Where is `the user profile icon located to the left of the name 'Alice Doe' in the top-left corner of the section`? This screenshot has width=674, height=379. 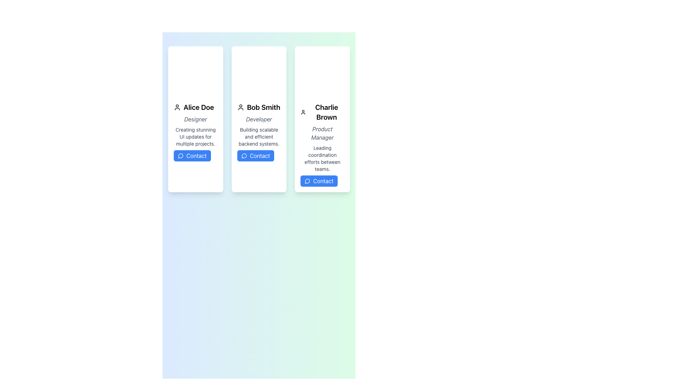 the user profile icon located to the left of the name 'Alice Doe' in the top-left corner of the section is located at coordinates (177, 107).